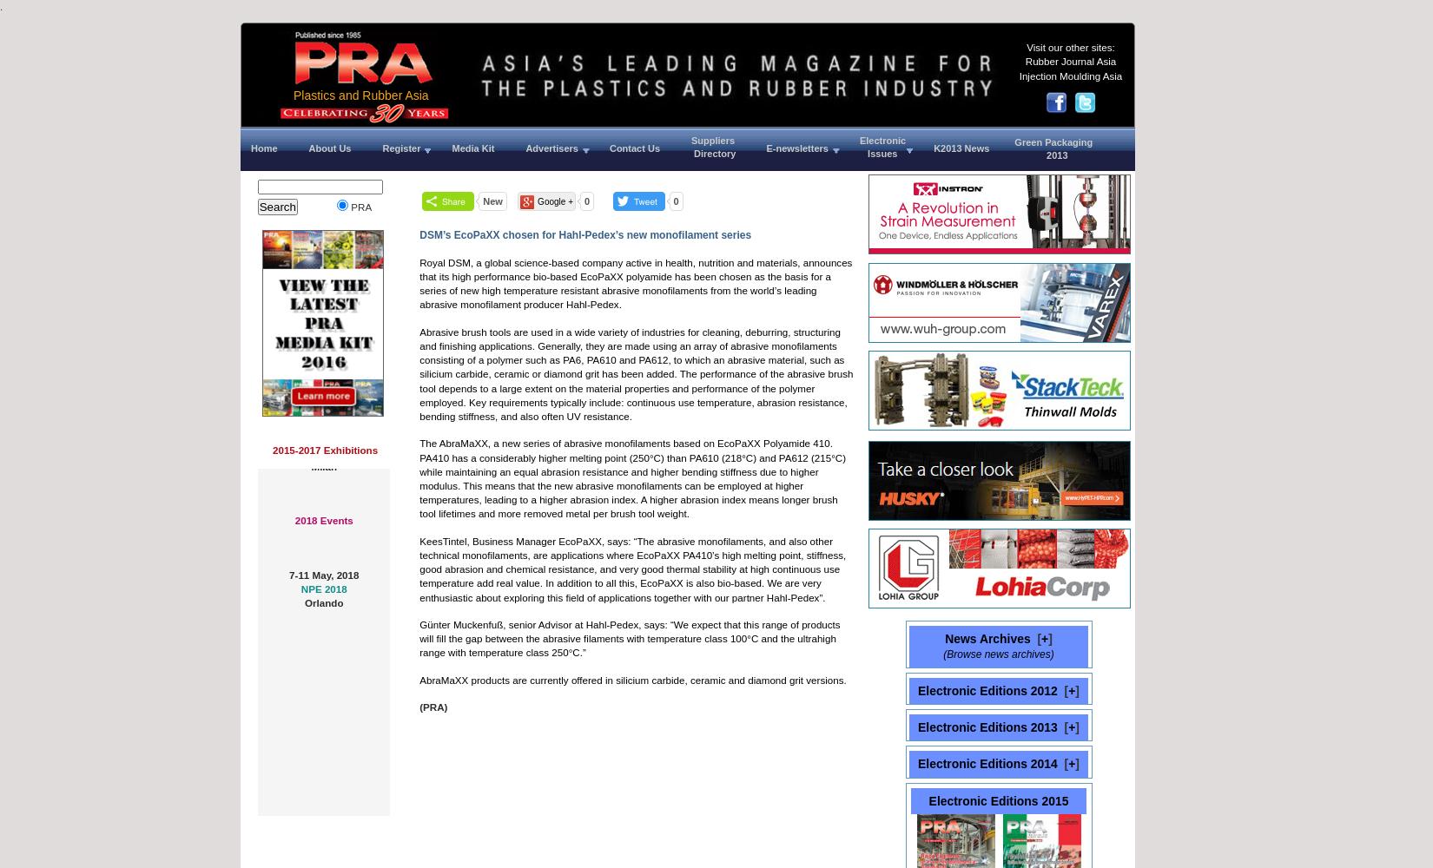 The image size is (1433, 868). What do you see at coordinates (1014, 155) in the screenshot?
I see `'2013'` at bounding box center [1014, 155].